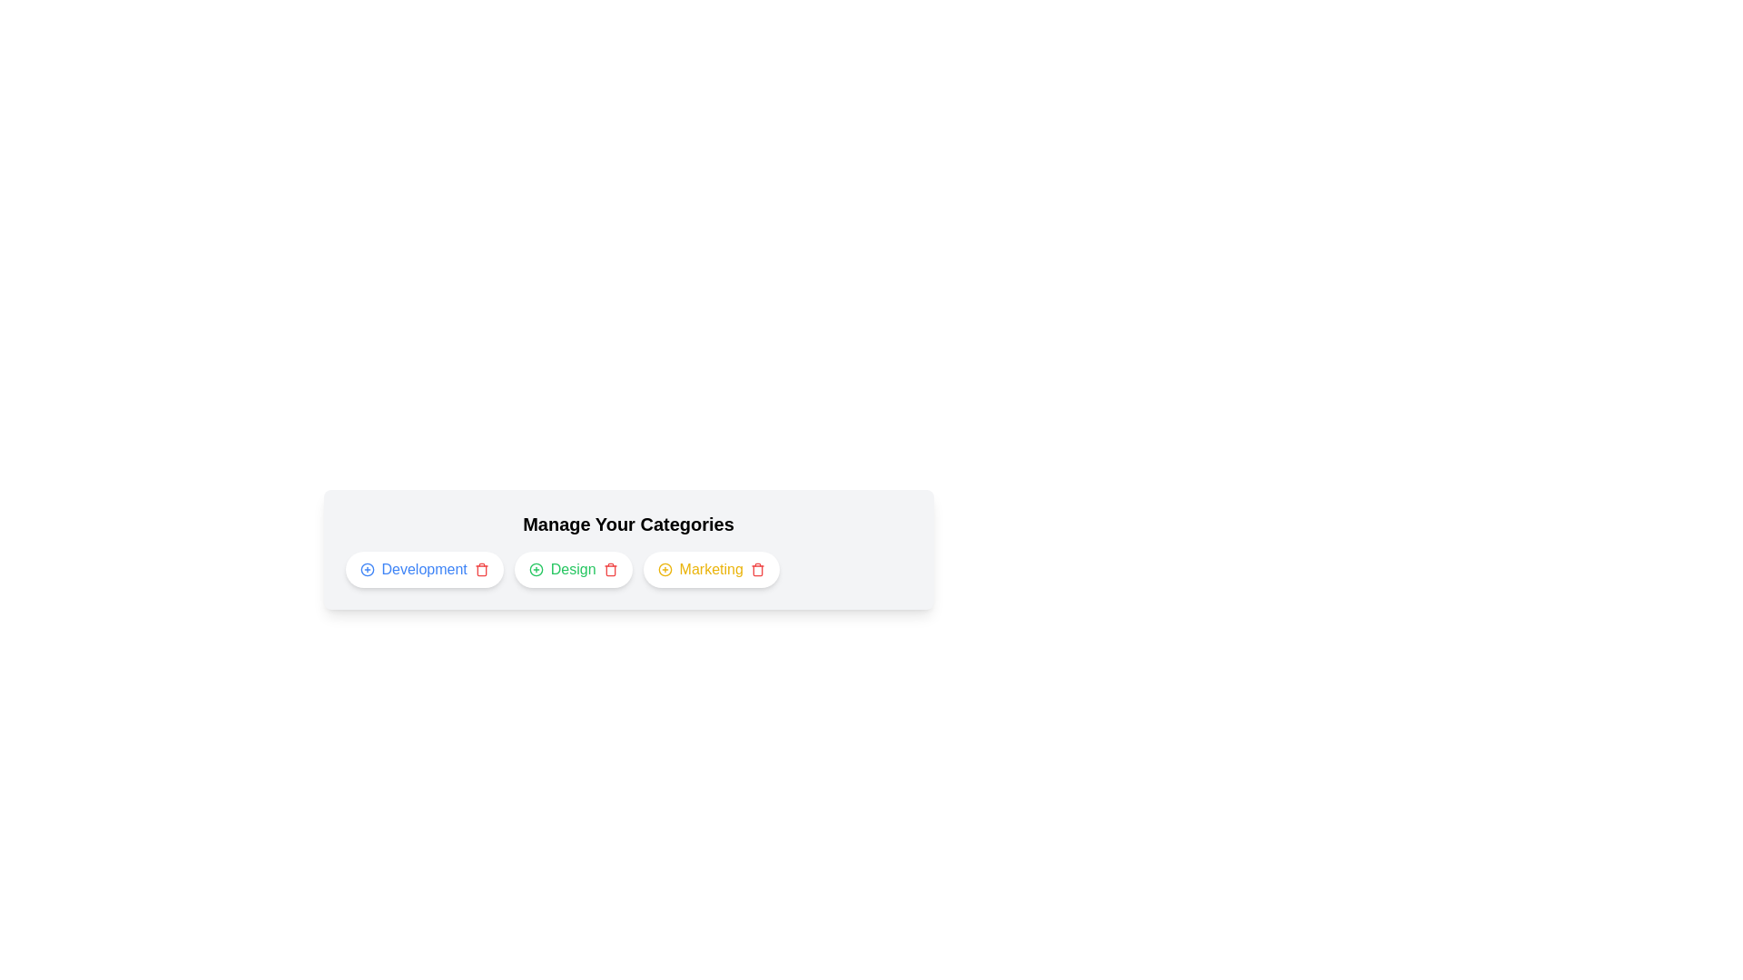  Describe the element at coordinates (423, 569) in the screenshot. I see `the category Development to highlight it` at that location.